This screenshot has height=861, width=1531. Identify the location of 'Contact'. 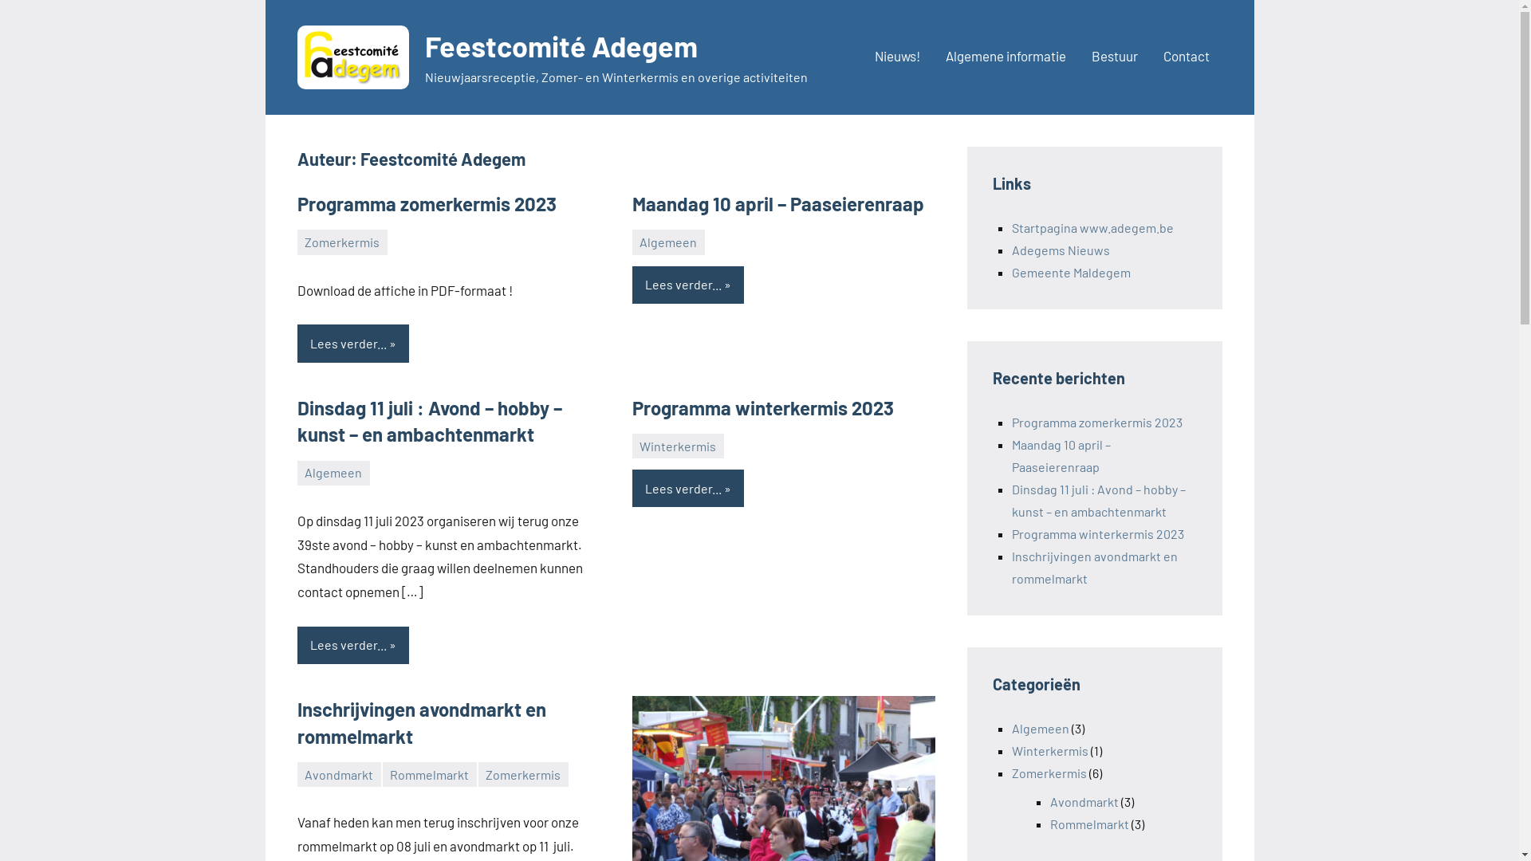
(1186, 56).